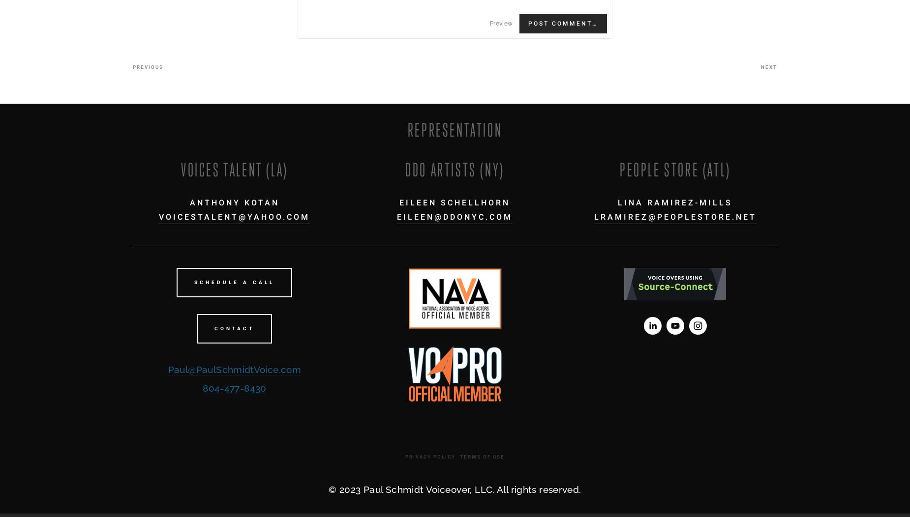 The width and height of the screenshot is (910, 517). Describe the element at coordinates (459, 456) in the screenshot. I see `'Terms Of Use'` at that location.